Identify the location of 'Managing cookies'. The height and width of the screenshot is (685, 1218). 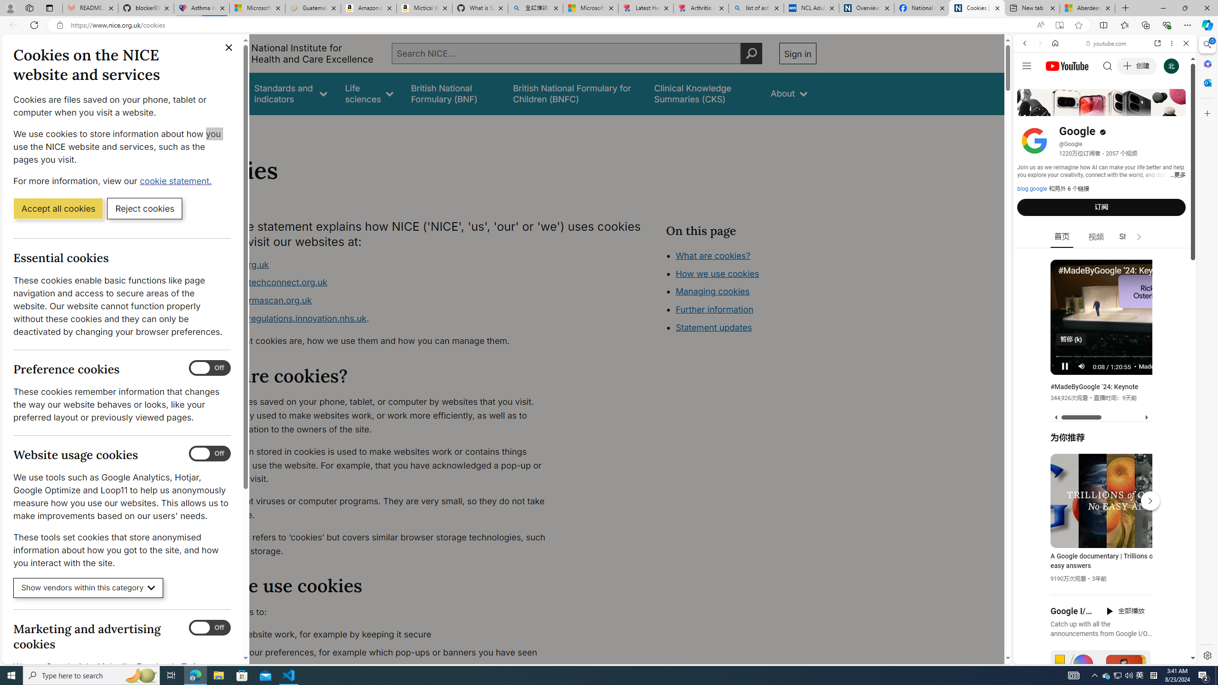
(712, 291).